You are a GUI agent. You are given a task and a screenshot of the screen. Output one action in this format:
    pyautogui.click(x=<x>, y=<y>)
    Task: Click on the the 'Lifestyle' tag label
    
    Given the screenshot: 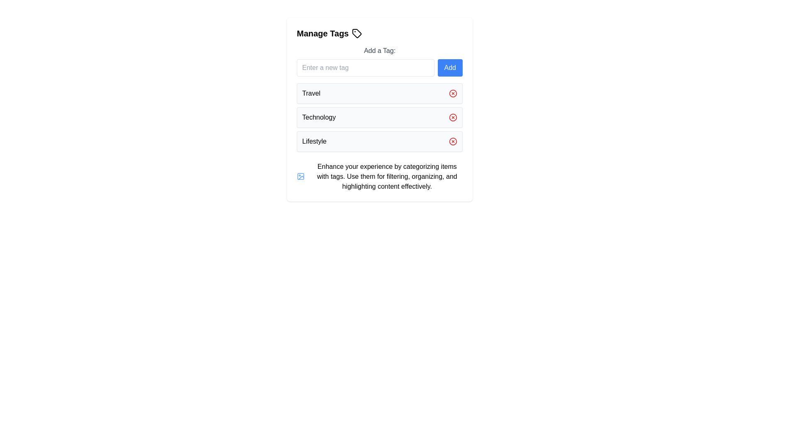 What is the action you would take?
    pyautogui.click(x=314, y=141)
    